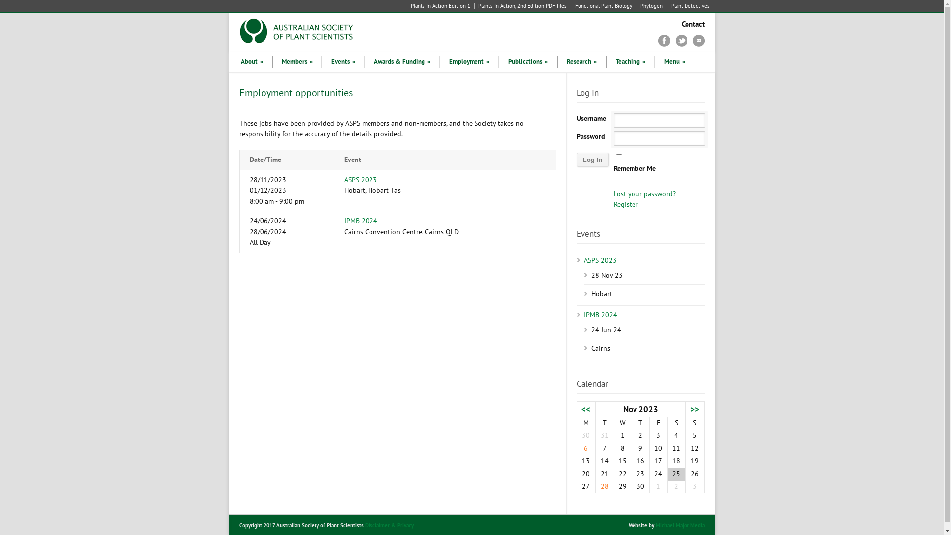 The width and height of the screenshot is (951, 535). I want to click on 'Disclaimer & Privacy', so click(388, 525).